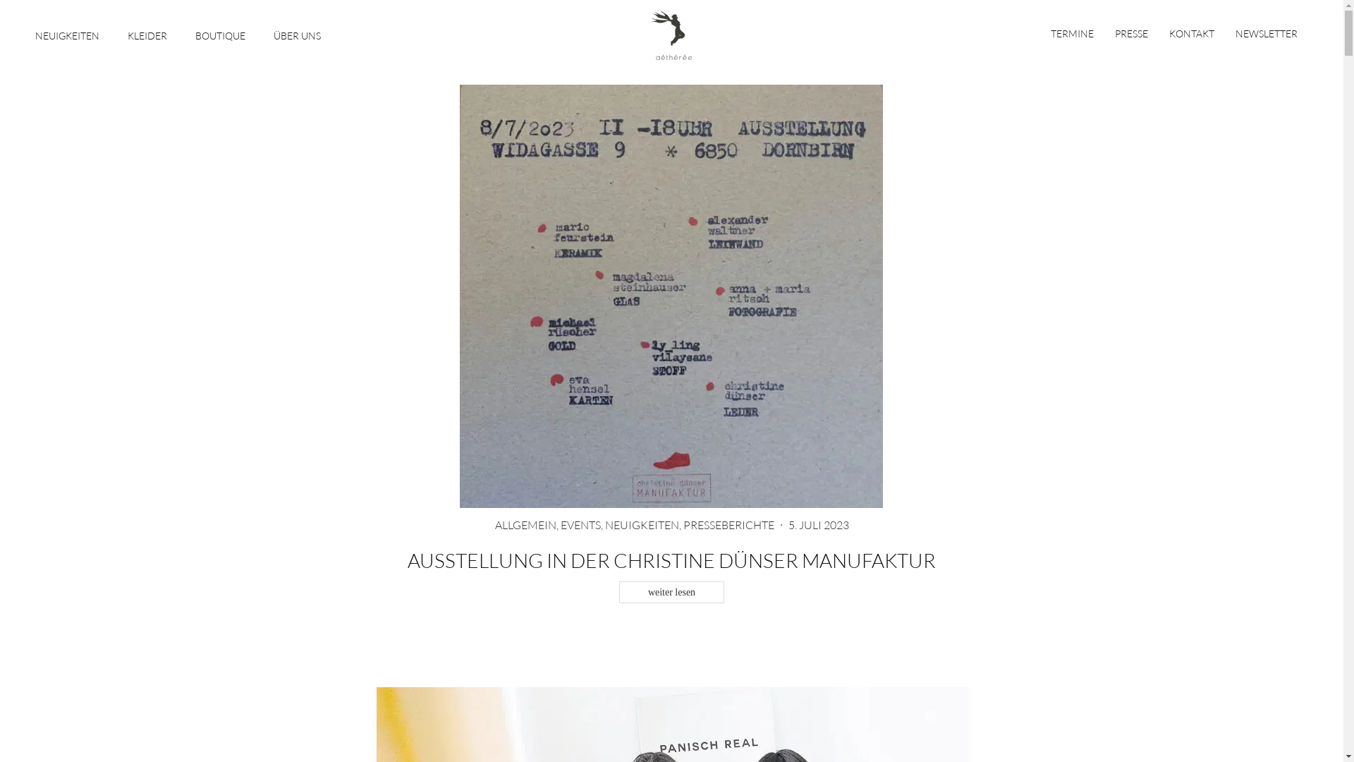  What do you see at coordinates (66, 32) in the screenshot?
I see `'NEUIGKEITEN'` at bounding box center [66, 32].